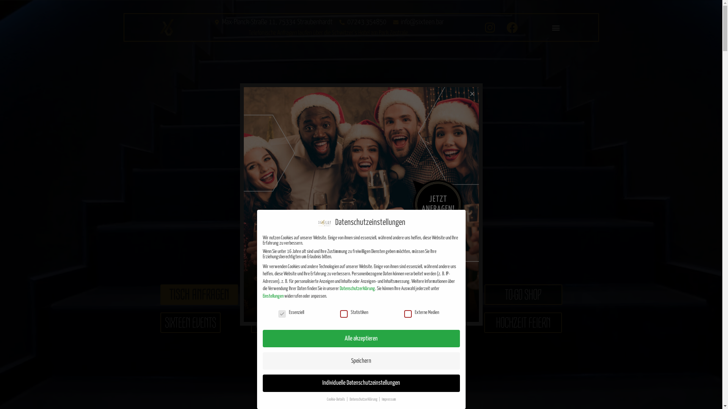  What do you see at coordinates (336, 399) in the screenshot?
I see `'Cookie-Details'` at bounding box center [336, 399].